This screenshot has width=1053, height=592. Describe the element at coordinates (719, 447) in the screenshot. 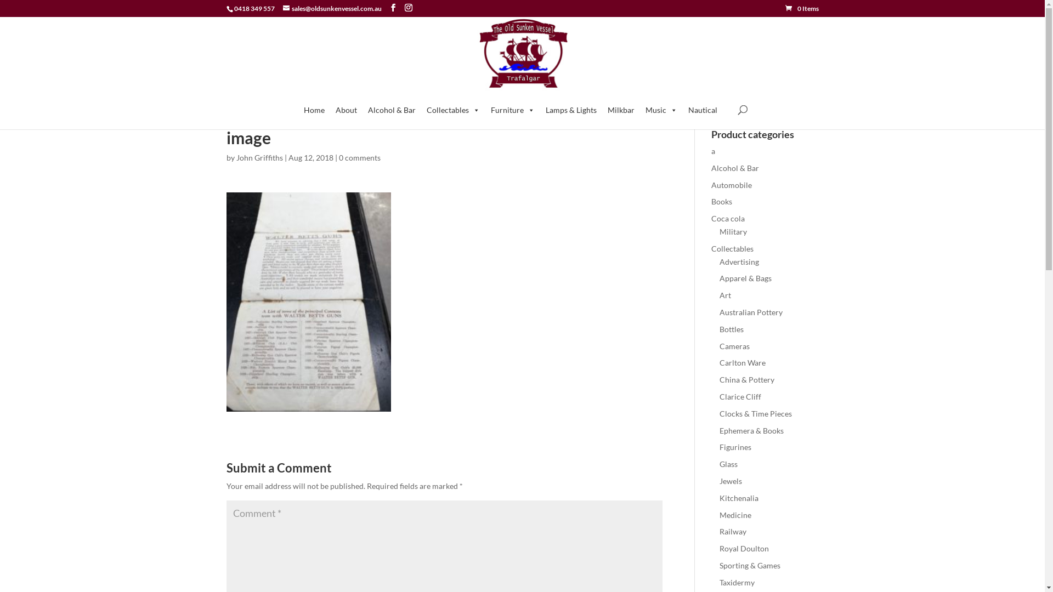

I see `'Figurines'` at that location.